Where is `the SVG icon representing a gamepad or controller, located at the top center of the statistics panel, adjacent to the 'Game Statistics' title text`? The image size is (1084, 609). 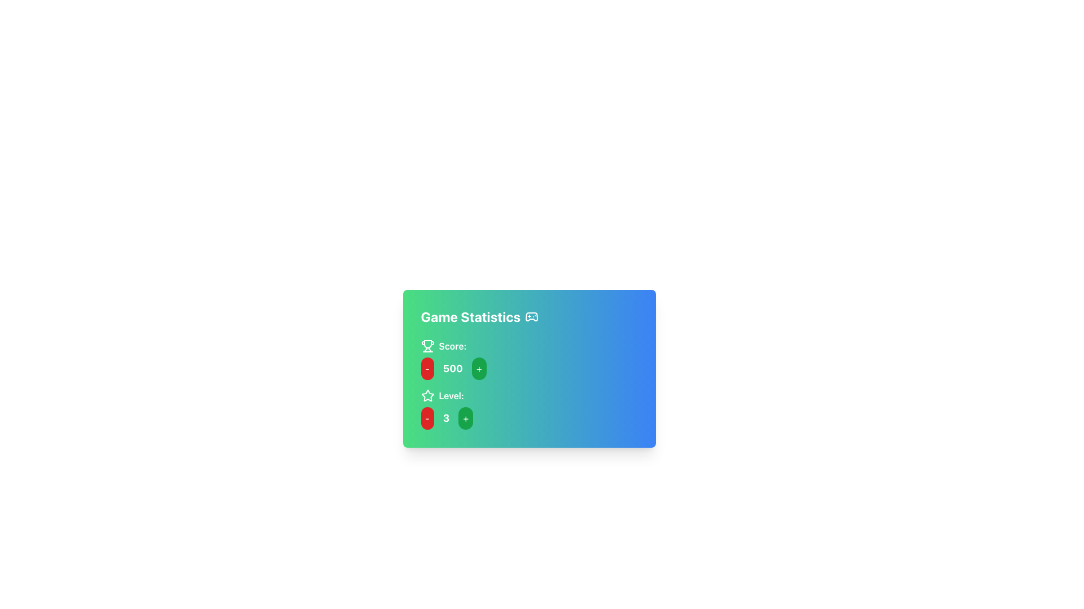
the SVG icon representing a gamepad or controller, located at the top center of the statistics panel, adjacent to the 'Game Statistics' title text is located at coordinates (531, 317).